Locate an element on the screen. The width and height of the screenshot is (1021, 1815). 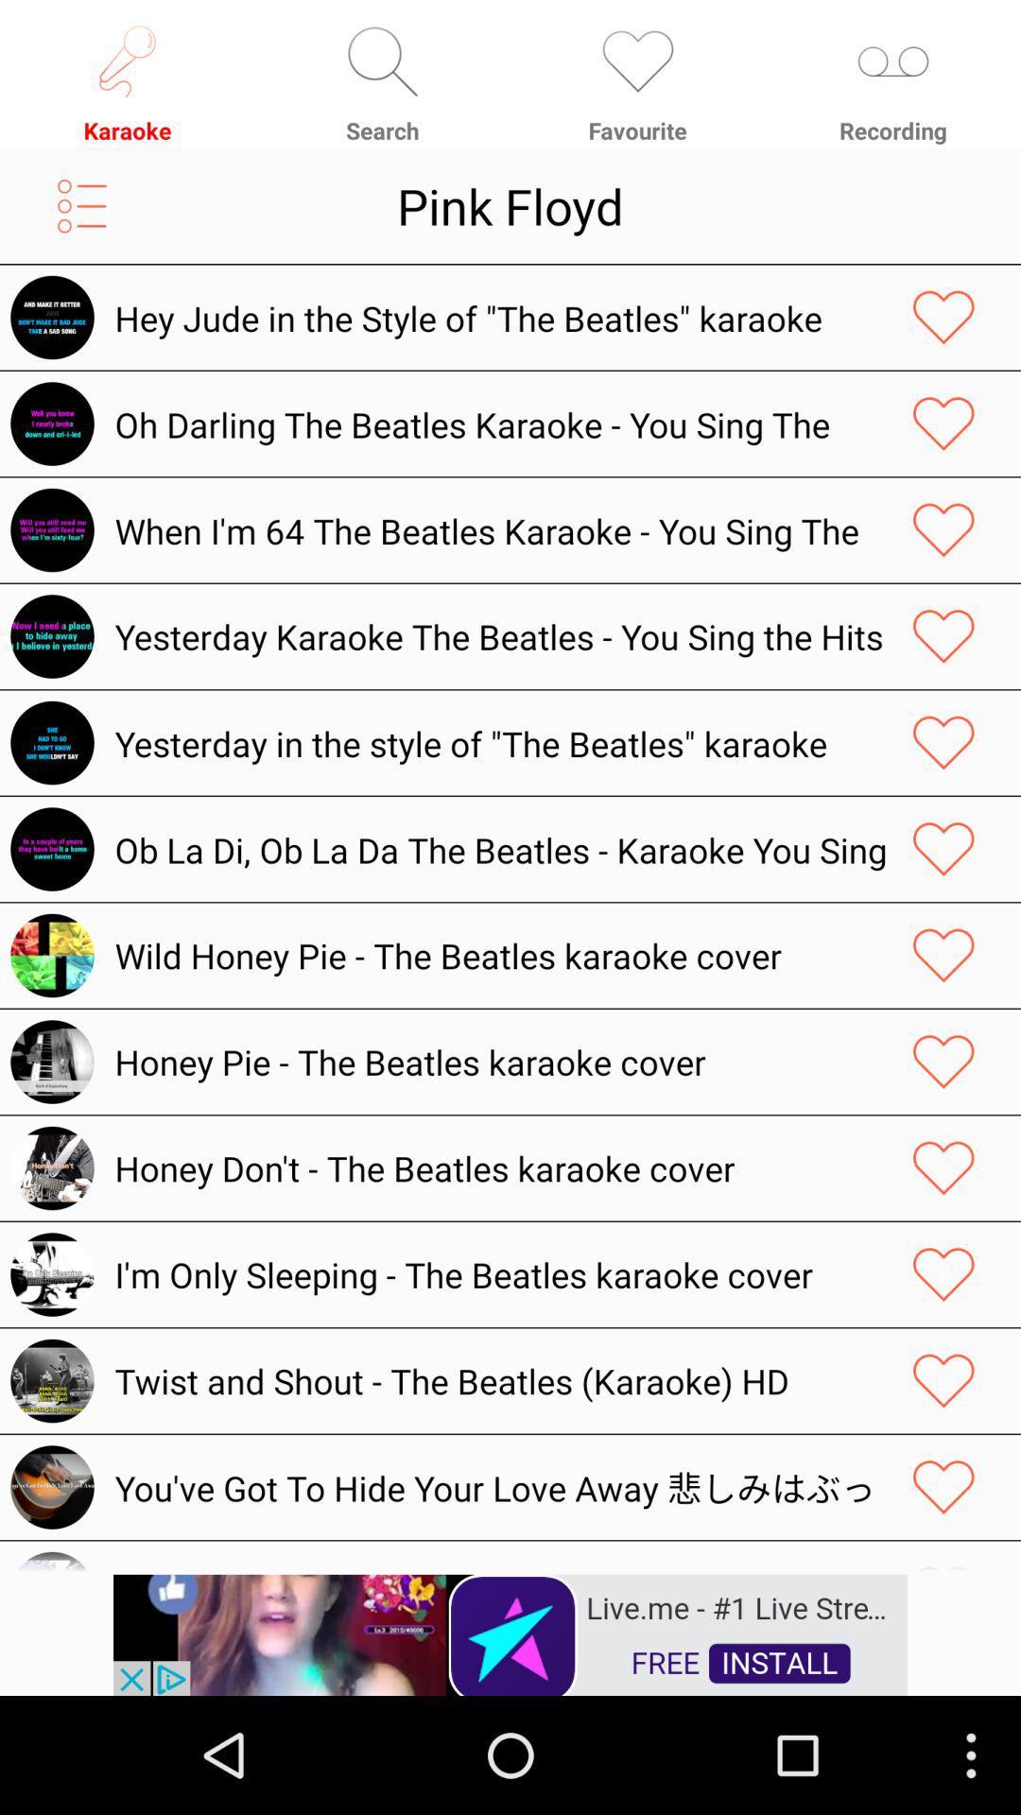
article is located at coordinates (943, 1274).